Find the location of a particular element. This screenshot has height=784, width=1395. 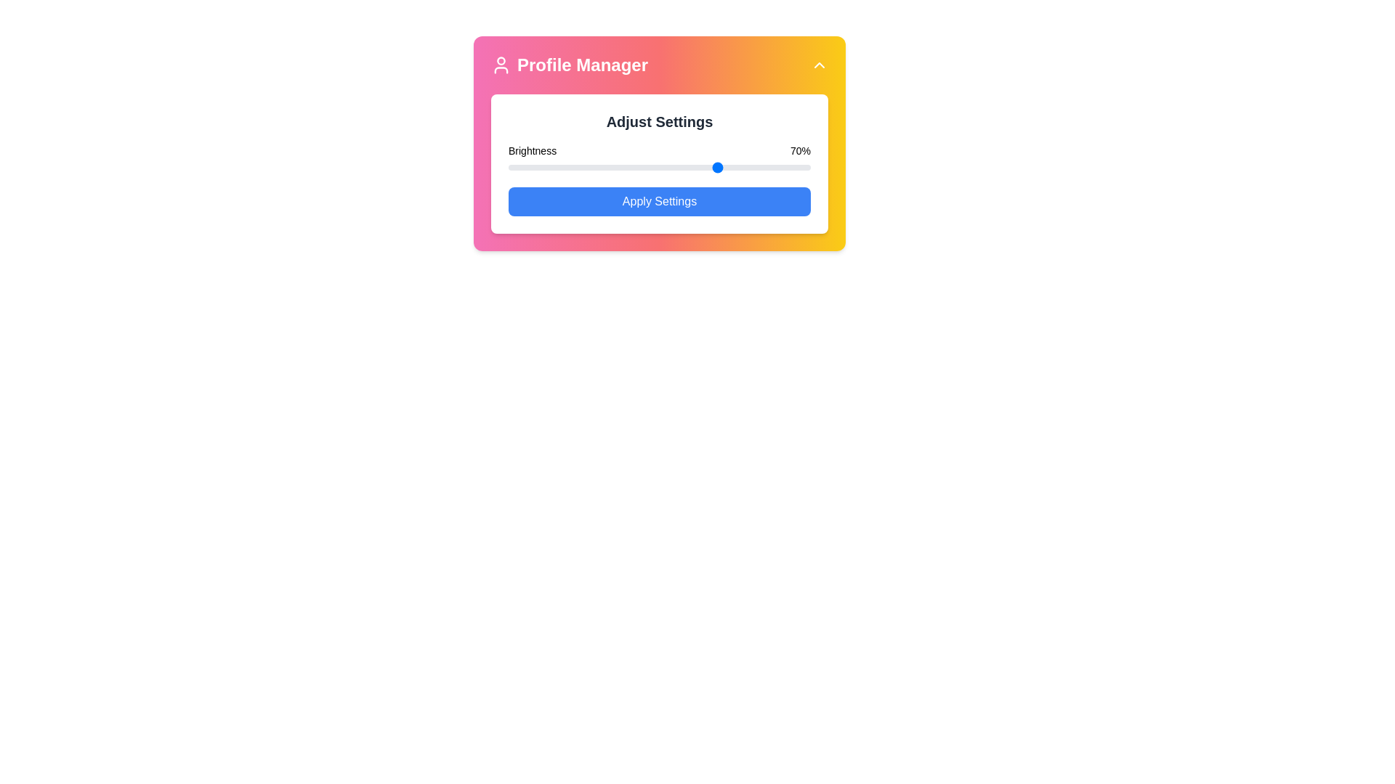

brightness is located at coordinates (741, 167).